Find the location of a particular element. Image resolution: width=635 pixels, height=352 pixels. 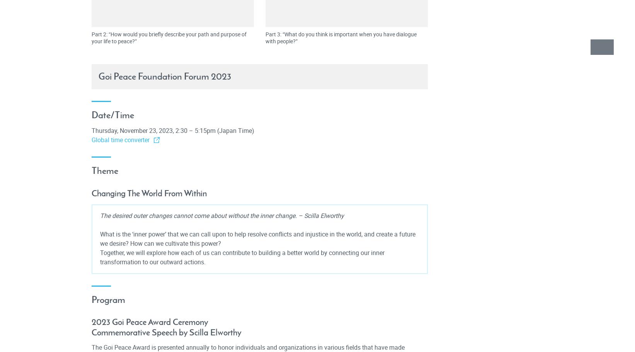

'What is the ‘inner power’ that we can call upon to help resolve conflicts and injustice in the world, and create a future we desire? How can we cultivate this power?' is located at coordinates (257, 238).